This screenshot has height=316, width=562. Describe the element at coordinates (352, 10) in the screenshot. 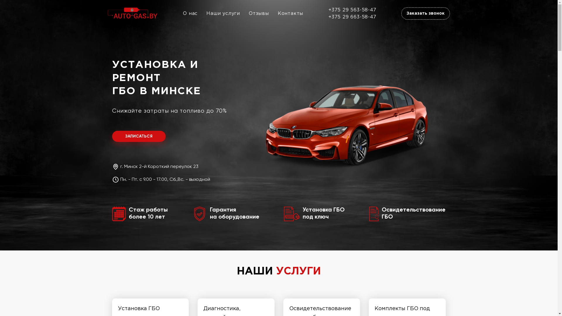

I see `'+375 29 563-58-47'` at that location.